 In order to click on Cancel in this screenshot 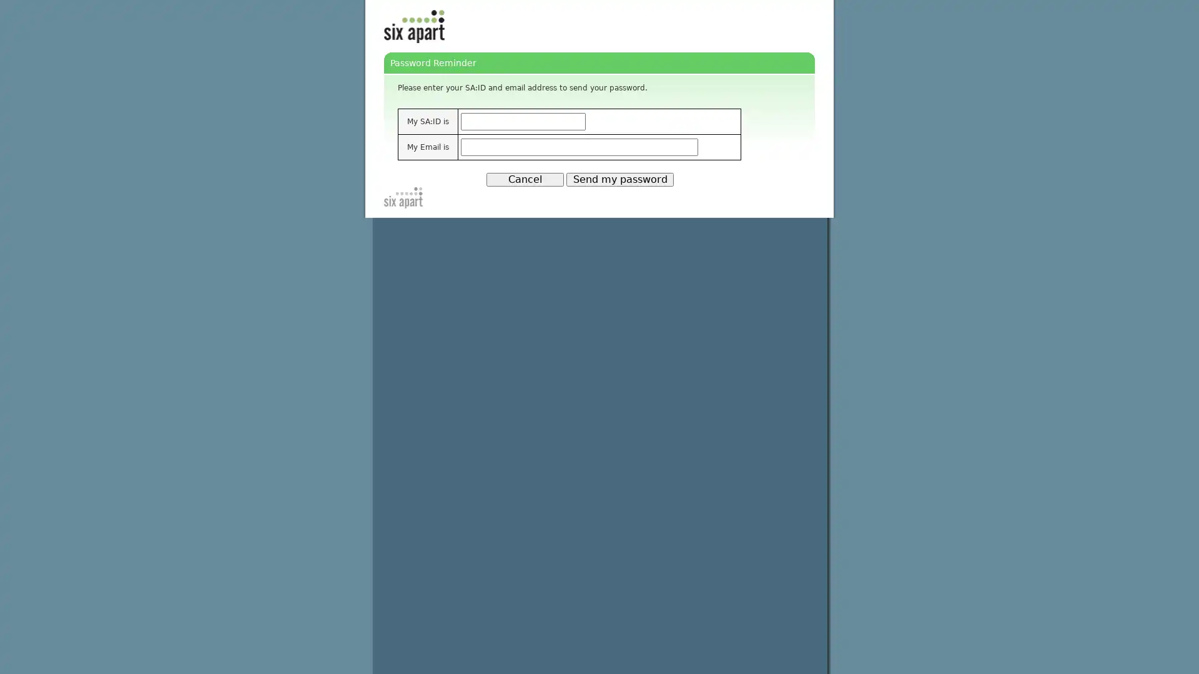, I will do `click(525, 180)`.